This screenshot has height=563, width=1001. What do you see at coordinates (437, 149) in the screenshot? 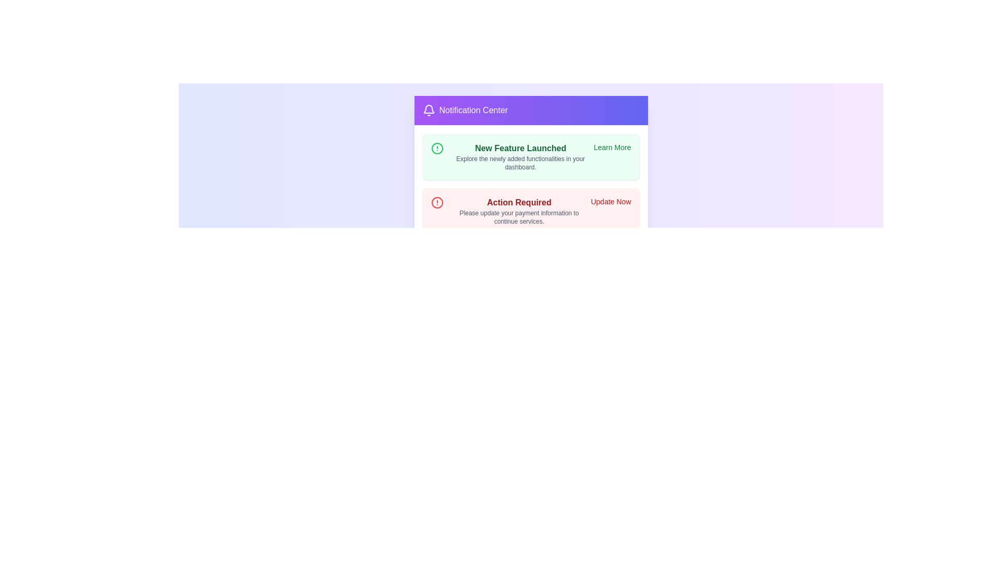
I see `the Circle SVG element that indicates a successful or informational state related to the top notification entry` at bounding box center [437, 149].